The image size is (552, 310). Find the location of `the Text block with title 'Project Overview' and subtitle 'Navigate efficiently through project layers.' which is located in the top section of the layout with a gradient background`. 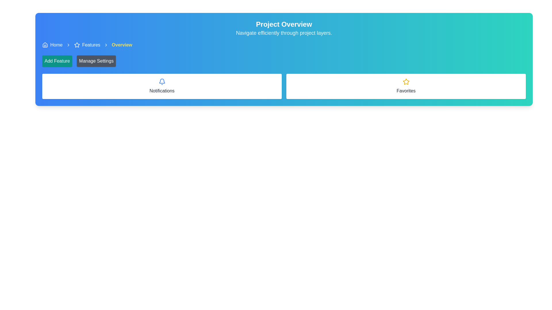

the Text block with title 'Project Overview' and subtitle 'Navigate efficiently through project layers.' which is located in the top section of the layout with a gradient background is located at coordinates (284, 28).